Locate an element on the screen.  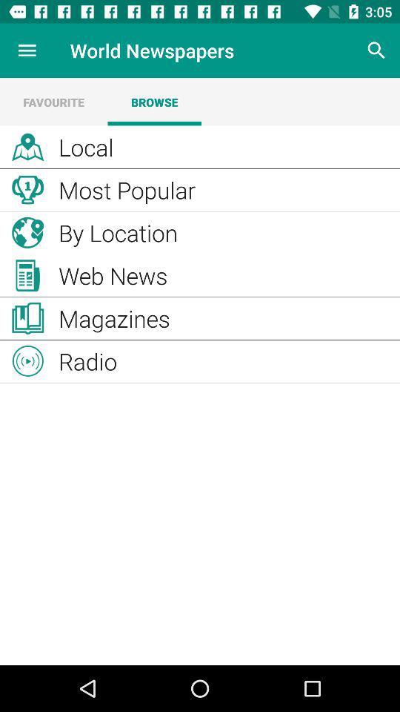
search is located at coordinates (376, 50).